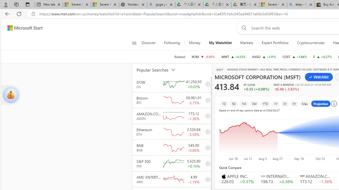 This screenshot has width=339, height=190. Describe the element at coordinates (134, 43) in the screenshot. I see `'Class: button-glyph'` at that location.